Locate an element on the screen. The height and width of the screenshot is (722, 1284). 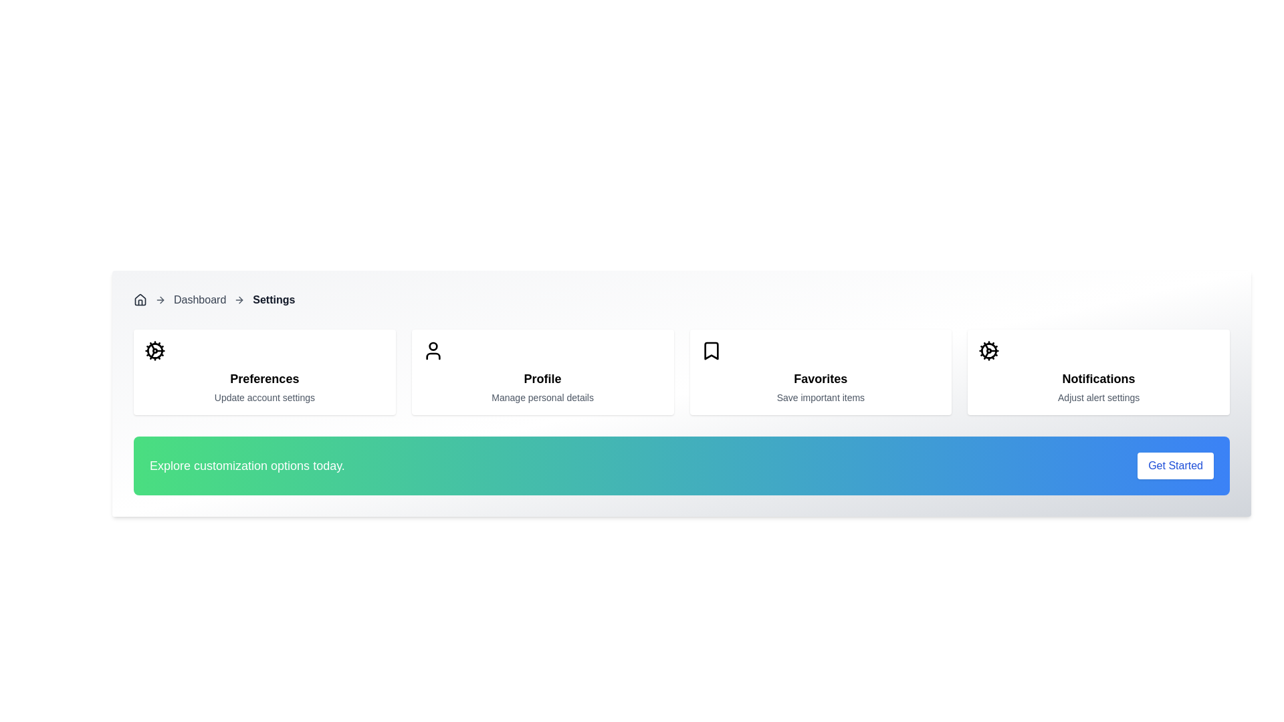
the navigation arrow icon located between the 'Dashboard' and 'Settings' texts in the top navigation section is located at coordinates (239, 299).